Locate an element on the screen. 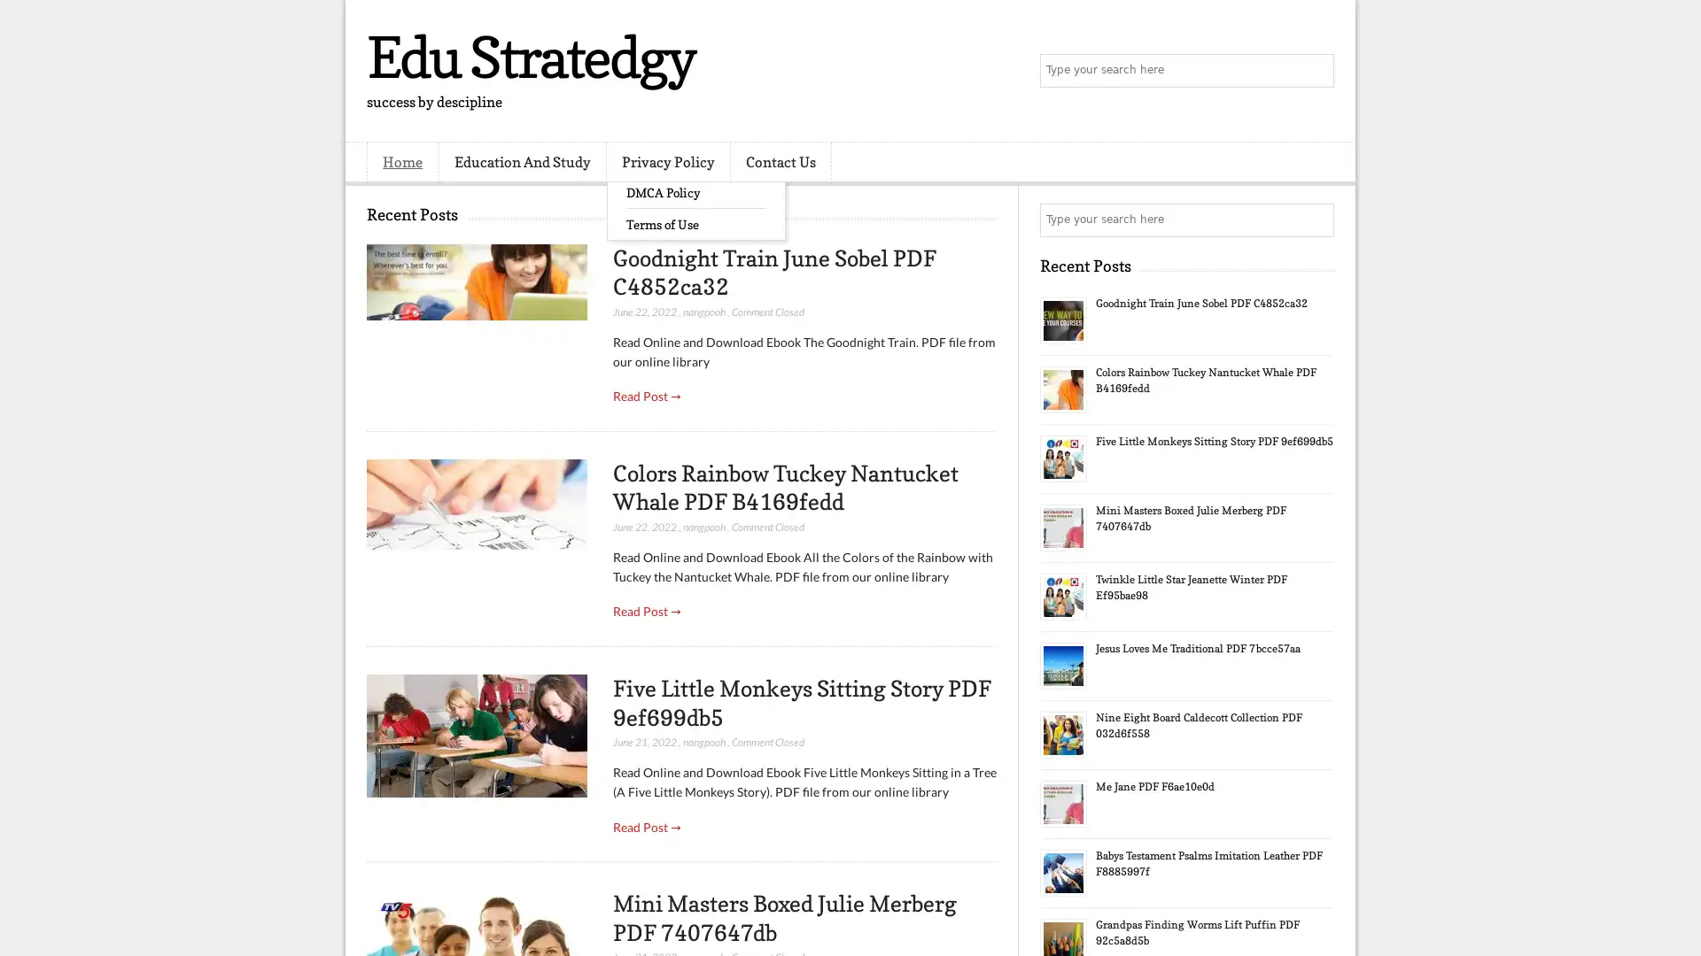 The image size is (1701, 956). Search is located at coordinates (1316, 220).